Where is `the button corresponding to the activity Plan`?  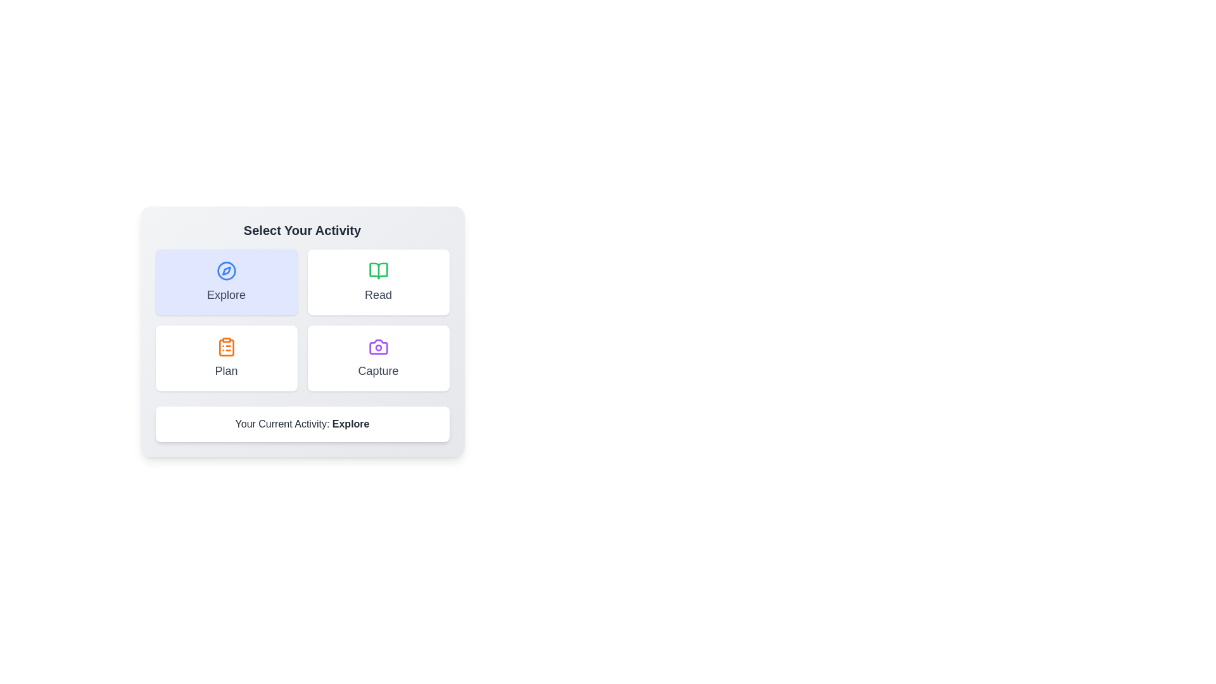
the button corresponding to the activity Plan is located at coordinates (226, 358).